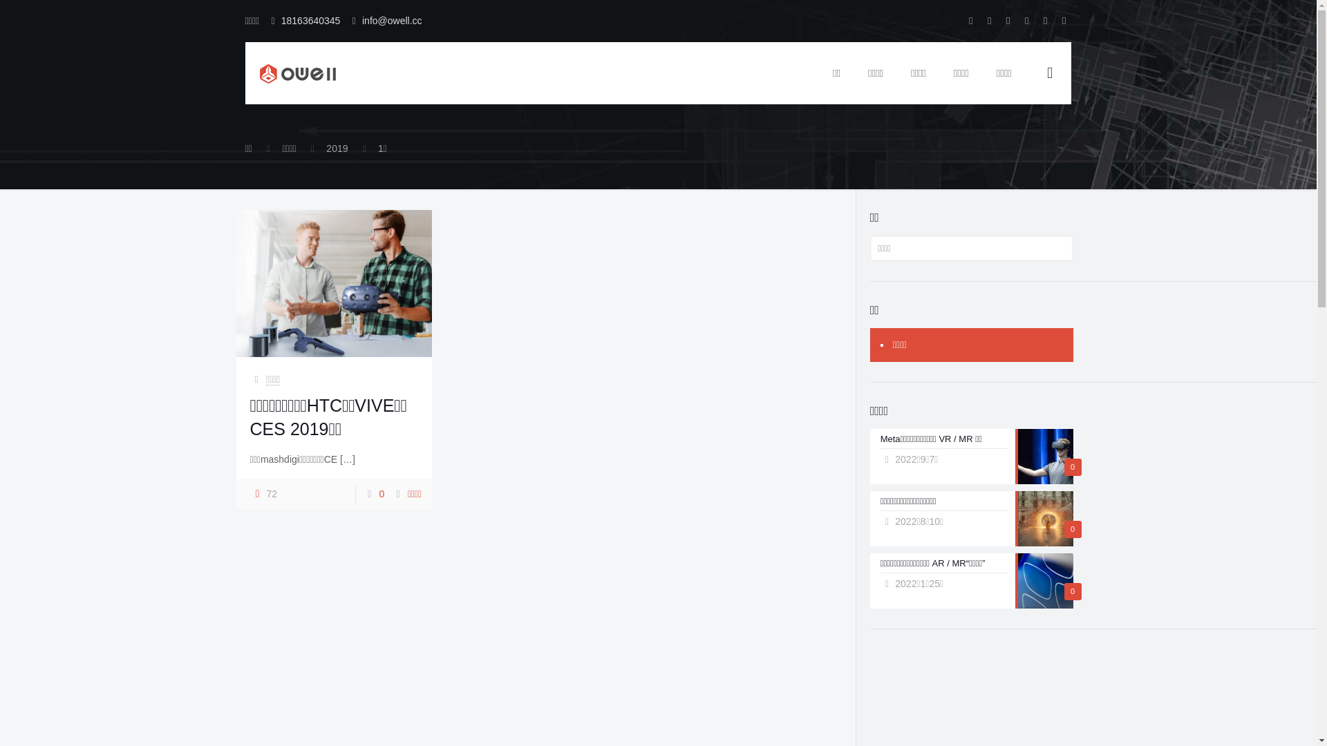  Describe the element at coordinates (382, 492) in the screenshot. I see `'0'` at that location.